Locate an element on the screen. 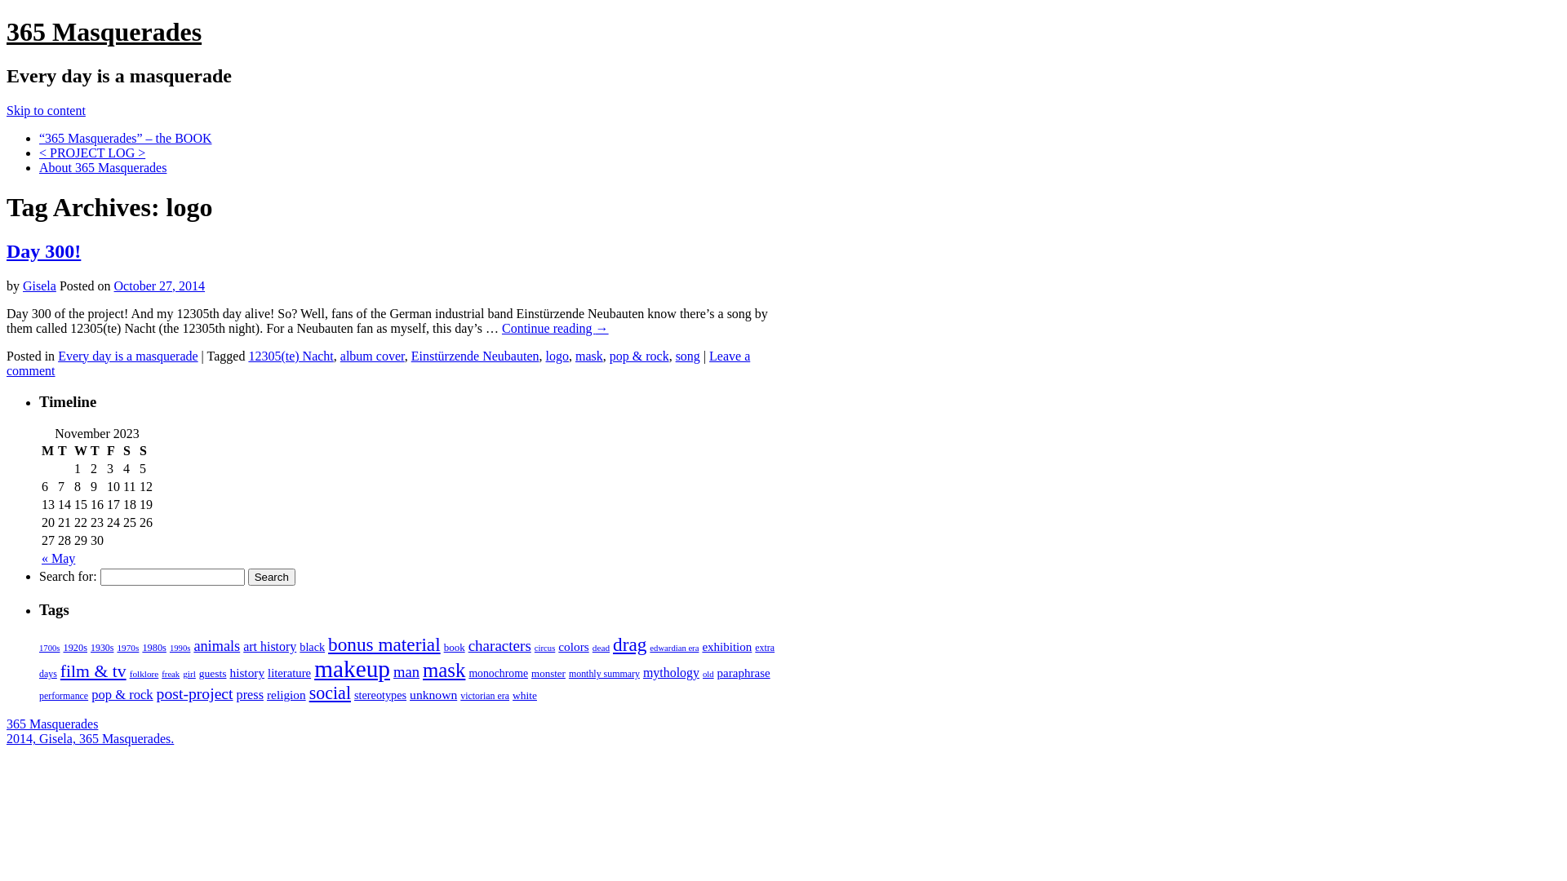 This screenshot has width=1567, height=881. 'man' is located at coordinates (393, 671).